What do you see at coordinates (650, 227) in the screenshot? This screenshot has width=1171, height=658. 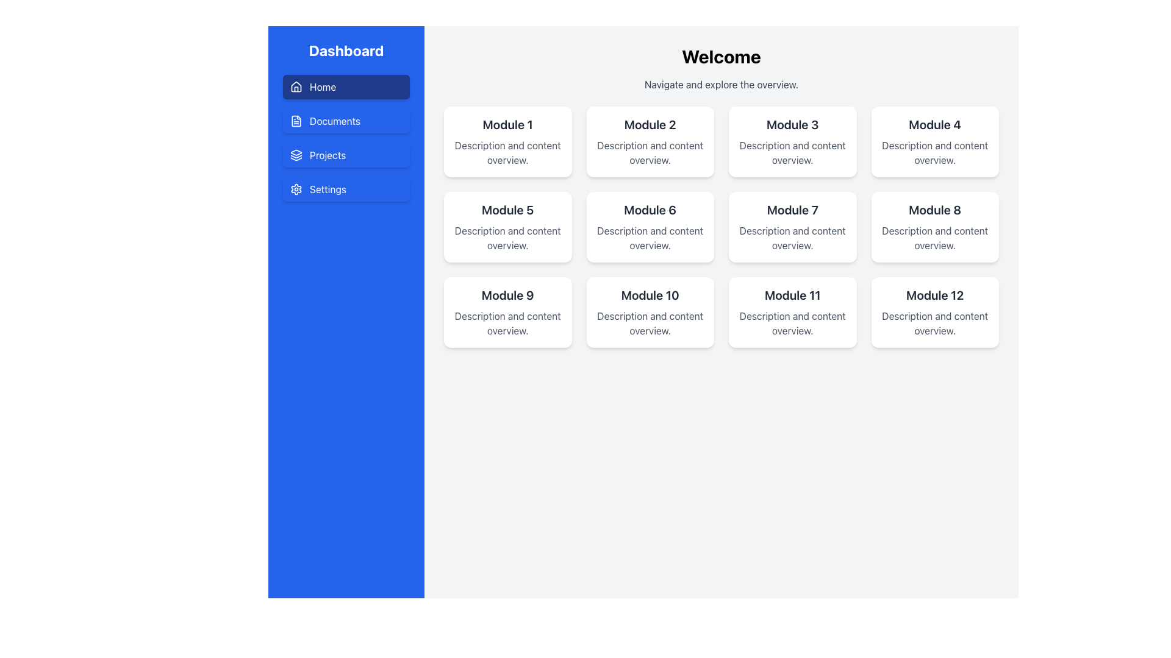 I see `the informational card for 'Module 6'` at bounding box center [650, 227].